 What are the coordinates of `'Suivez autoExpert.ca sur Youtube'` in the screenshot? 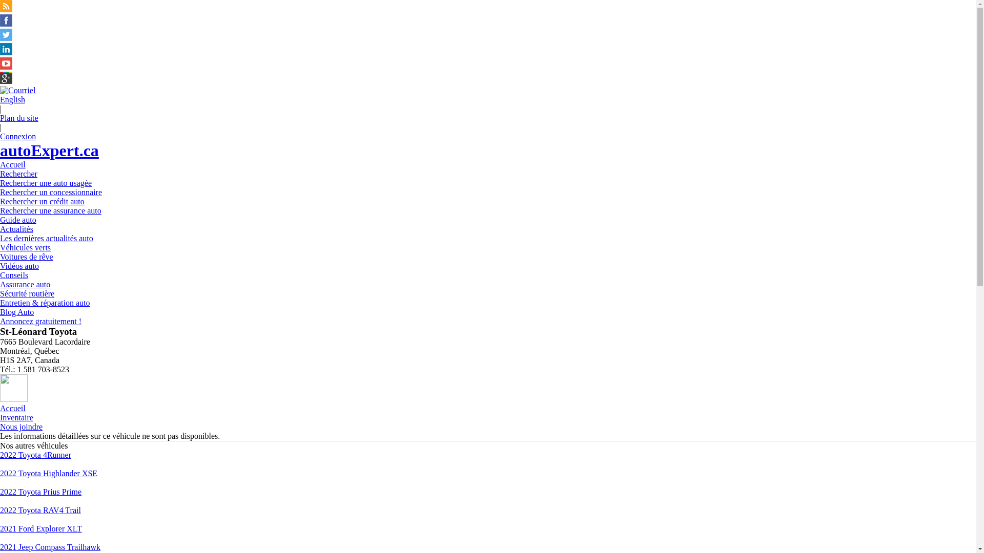 It's located at (6, 67).